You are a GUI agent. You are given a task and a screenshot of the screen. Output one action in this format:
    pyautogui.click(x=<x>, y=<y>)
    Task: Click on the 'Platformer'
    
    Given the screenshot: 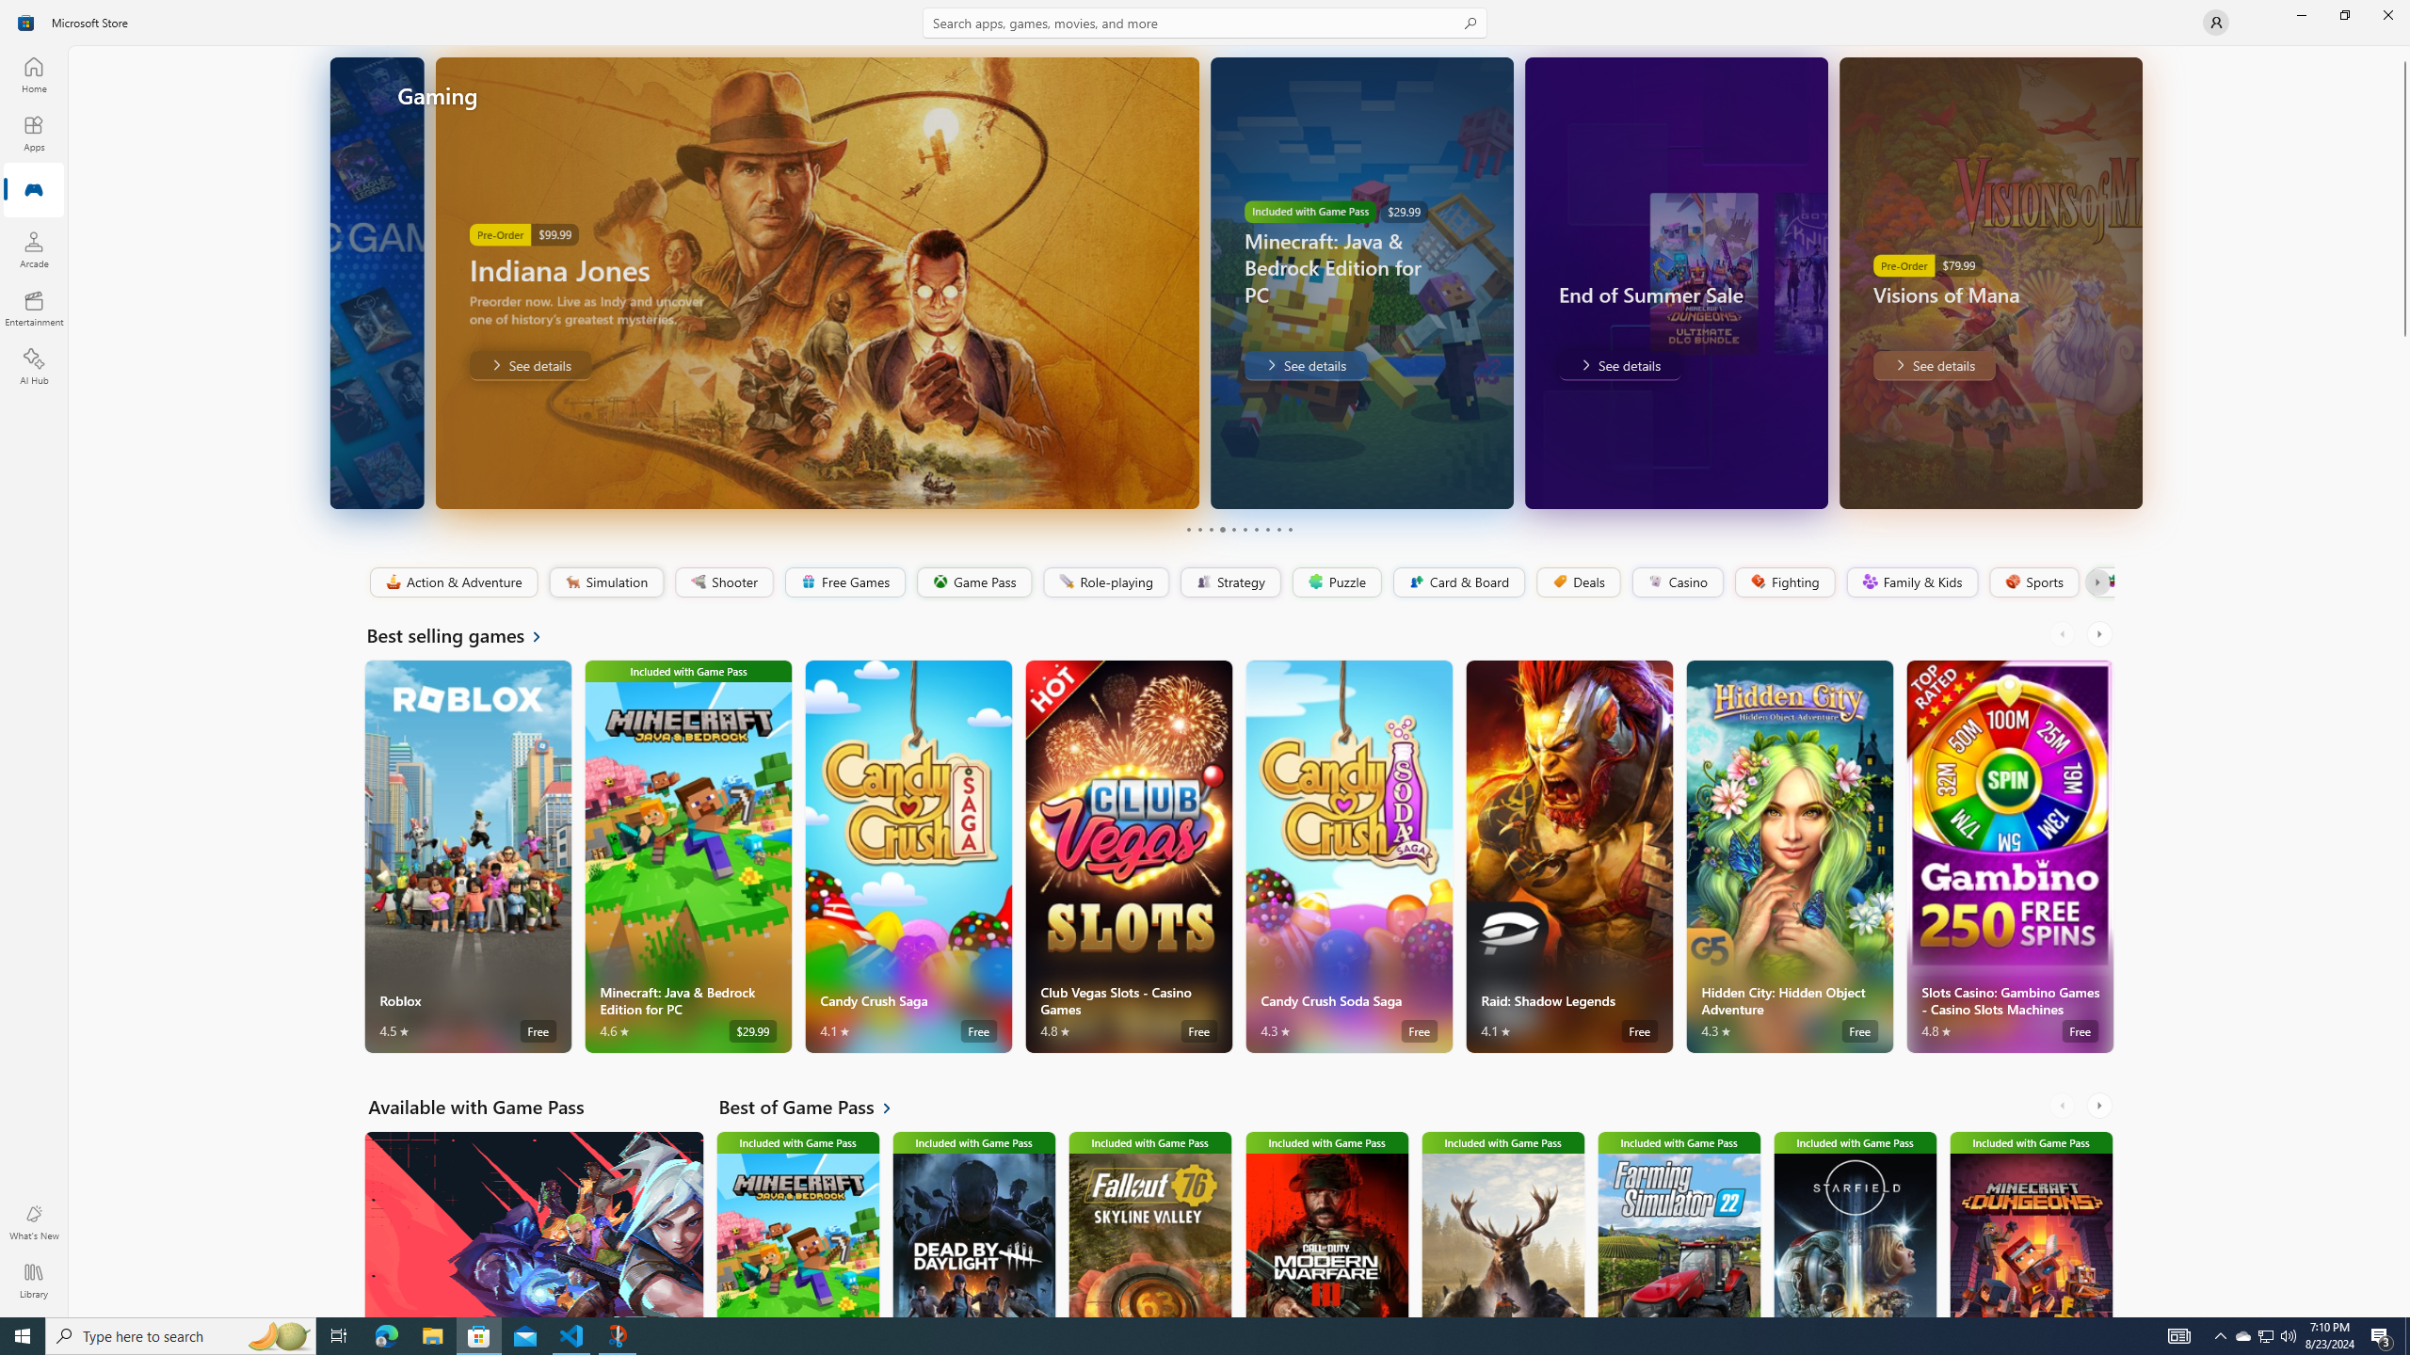 What is the action you would take?
    pyautogui.click(x=2100, y=582)
    